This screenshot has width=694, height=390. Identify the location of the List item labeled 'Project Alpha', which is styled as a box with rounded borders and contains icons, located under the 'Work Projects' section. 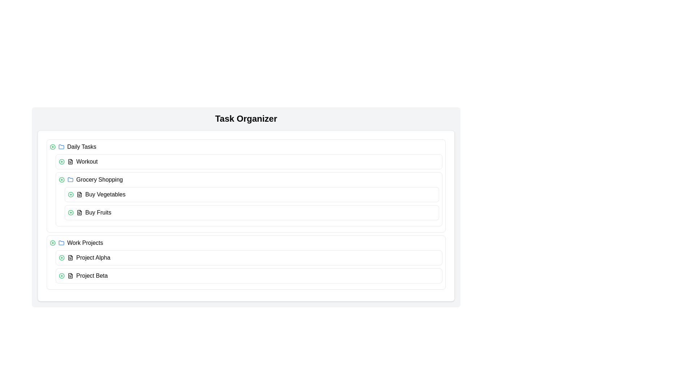
(249, 257).